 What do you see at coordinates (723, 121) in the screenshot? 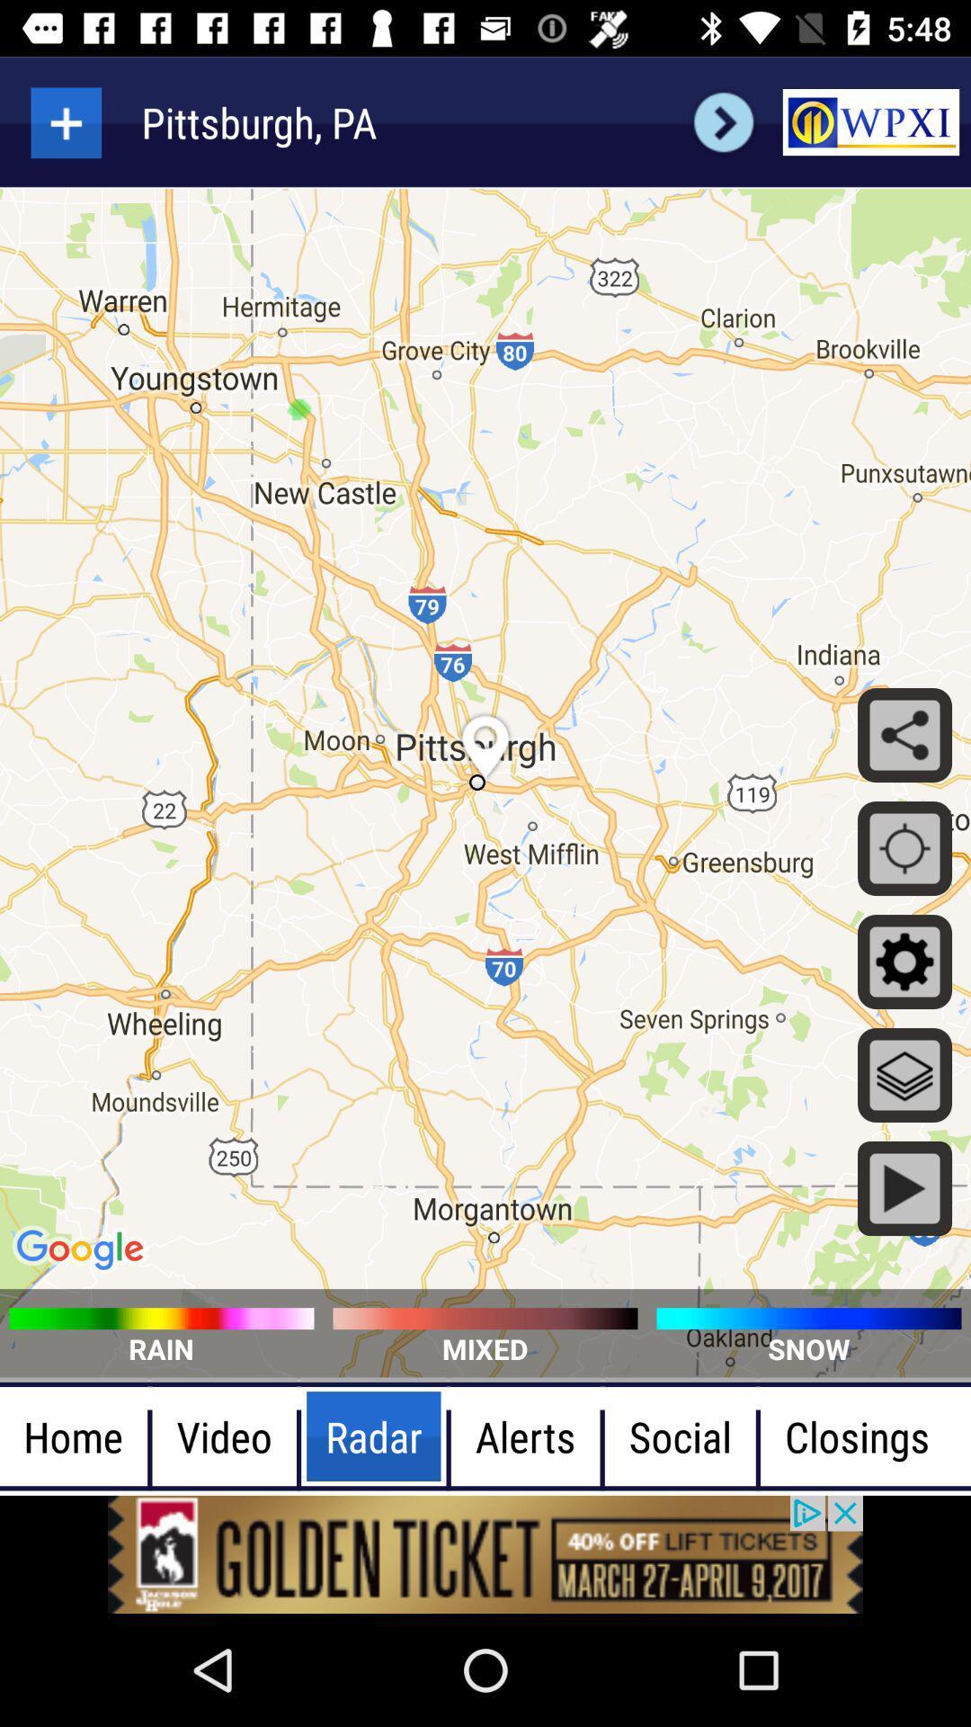
I see `the arrow_forward icon` at bounding box center [723, 121].